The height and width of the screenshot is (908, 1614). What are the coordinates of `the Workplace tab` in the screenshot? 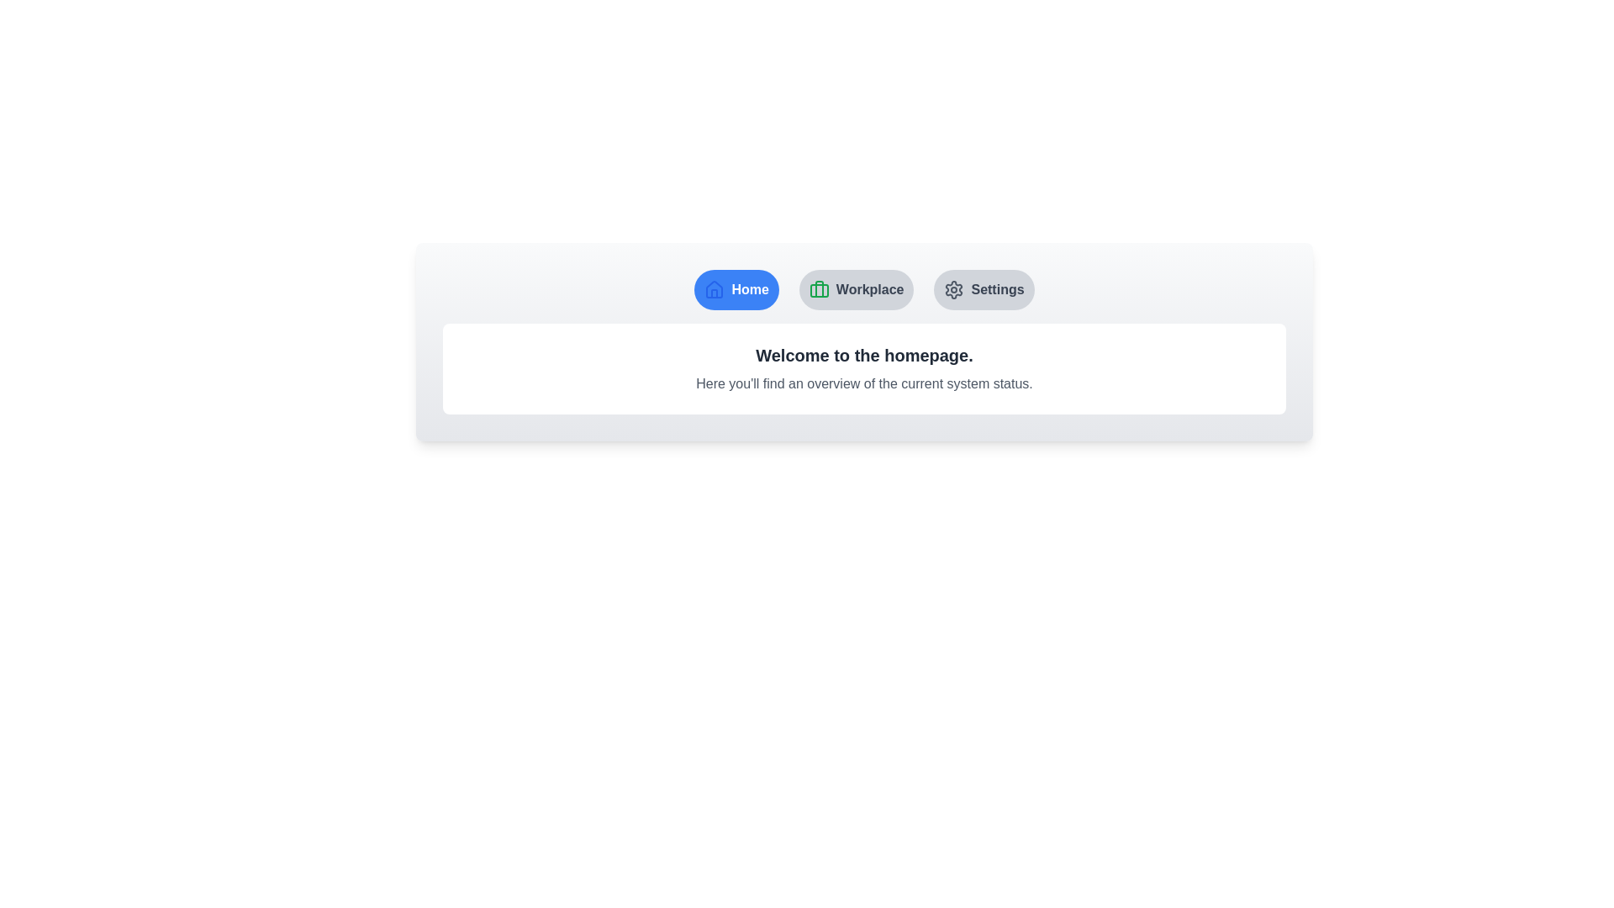 It's located at (857, 288).